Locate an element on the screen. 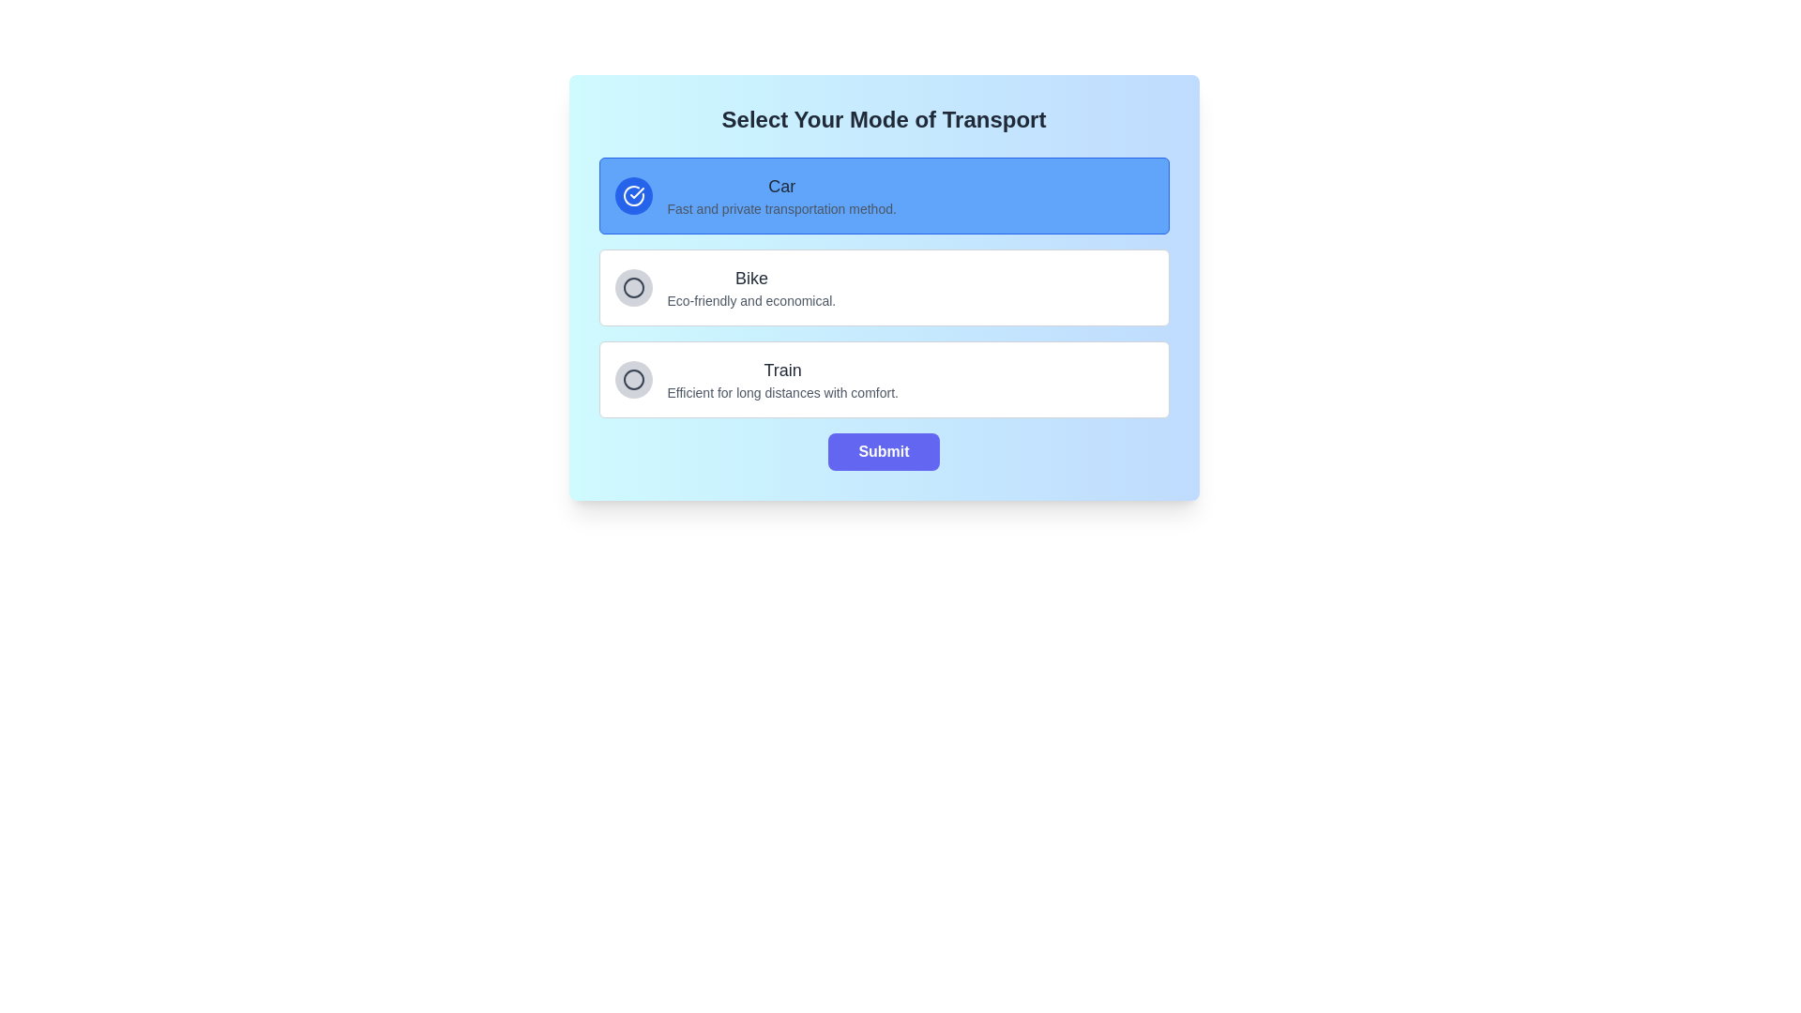  the descriptive text element for the 'Car' option in the transport selection interface, which is positioned centrally to the right of a circular icon with a tick mark is located at coordinates (781, 195).